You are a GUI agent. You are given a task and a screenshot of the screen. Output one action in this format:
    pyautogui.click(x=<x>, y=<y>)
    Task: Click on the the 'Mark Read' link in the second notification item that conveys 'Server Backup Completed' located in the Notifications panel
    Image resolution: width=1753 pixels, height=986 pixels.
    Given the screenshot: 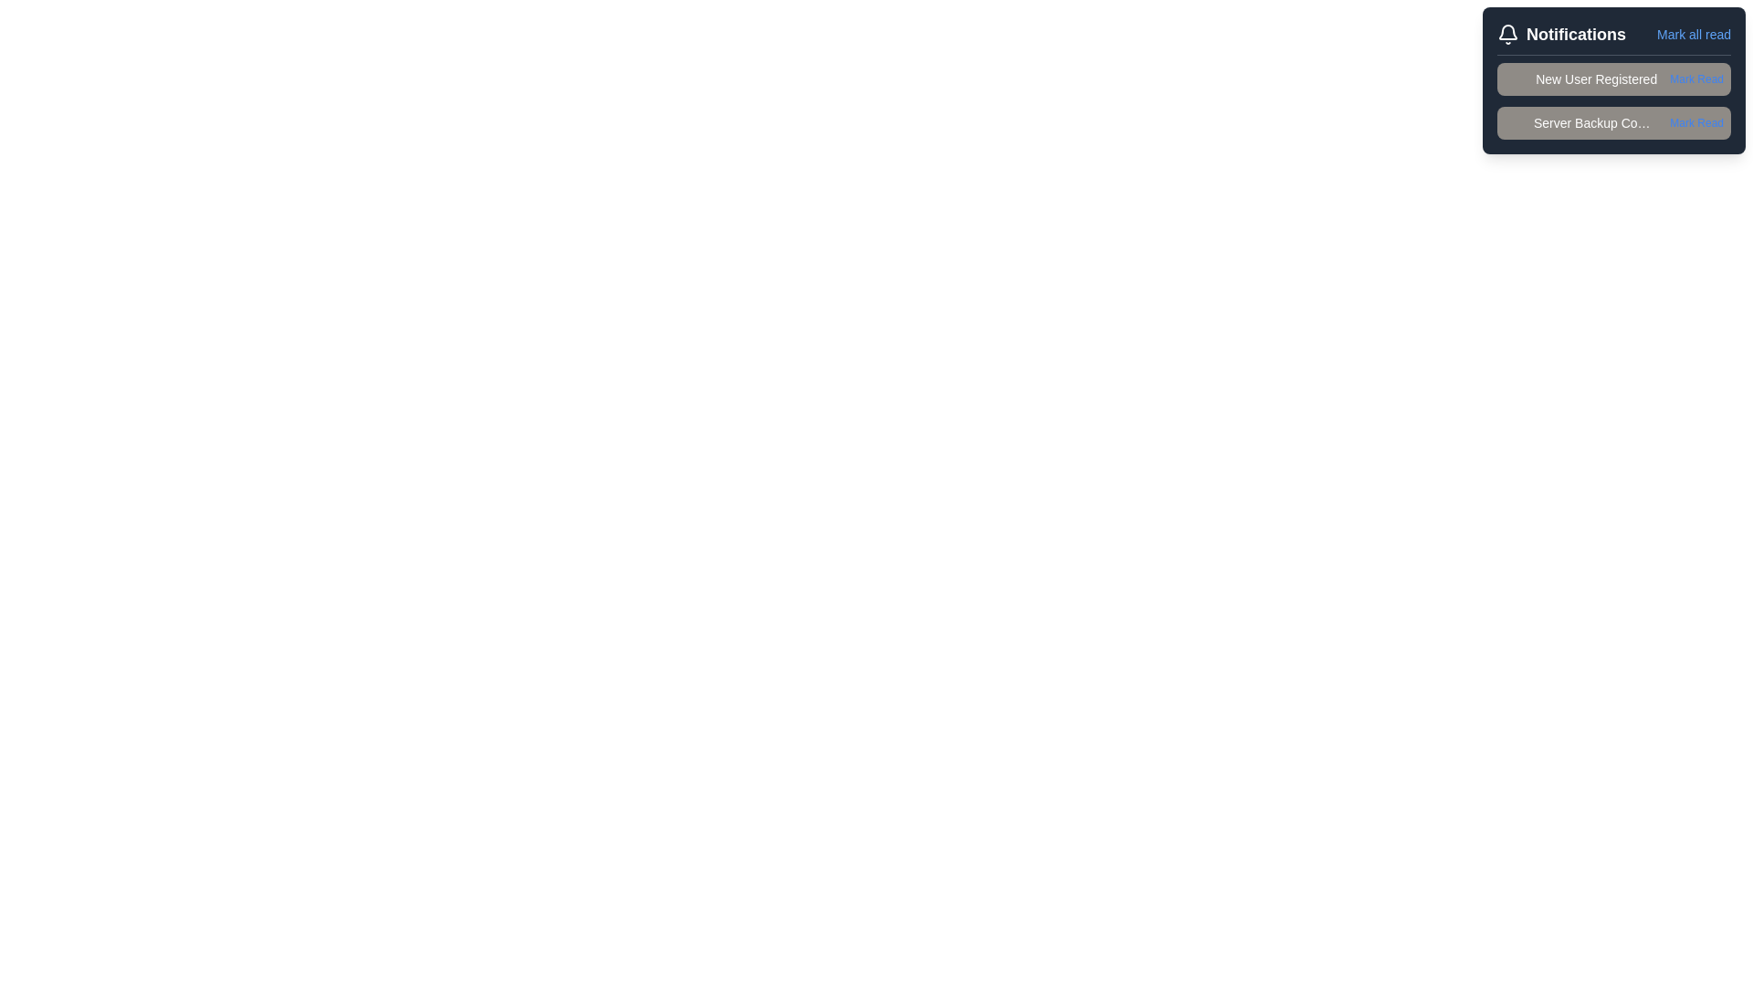 What is the action you would take?
    pyautogui.click(x=1613, y=123)
    